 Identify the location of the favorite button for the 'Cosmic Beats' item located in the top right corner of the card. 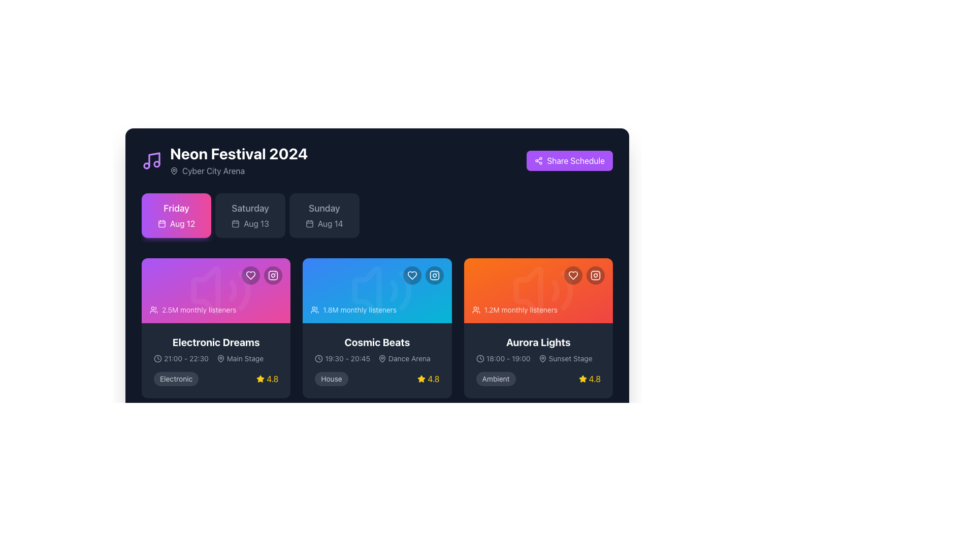
(412, 276).